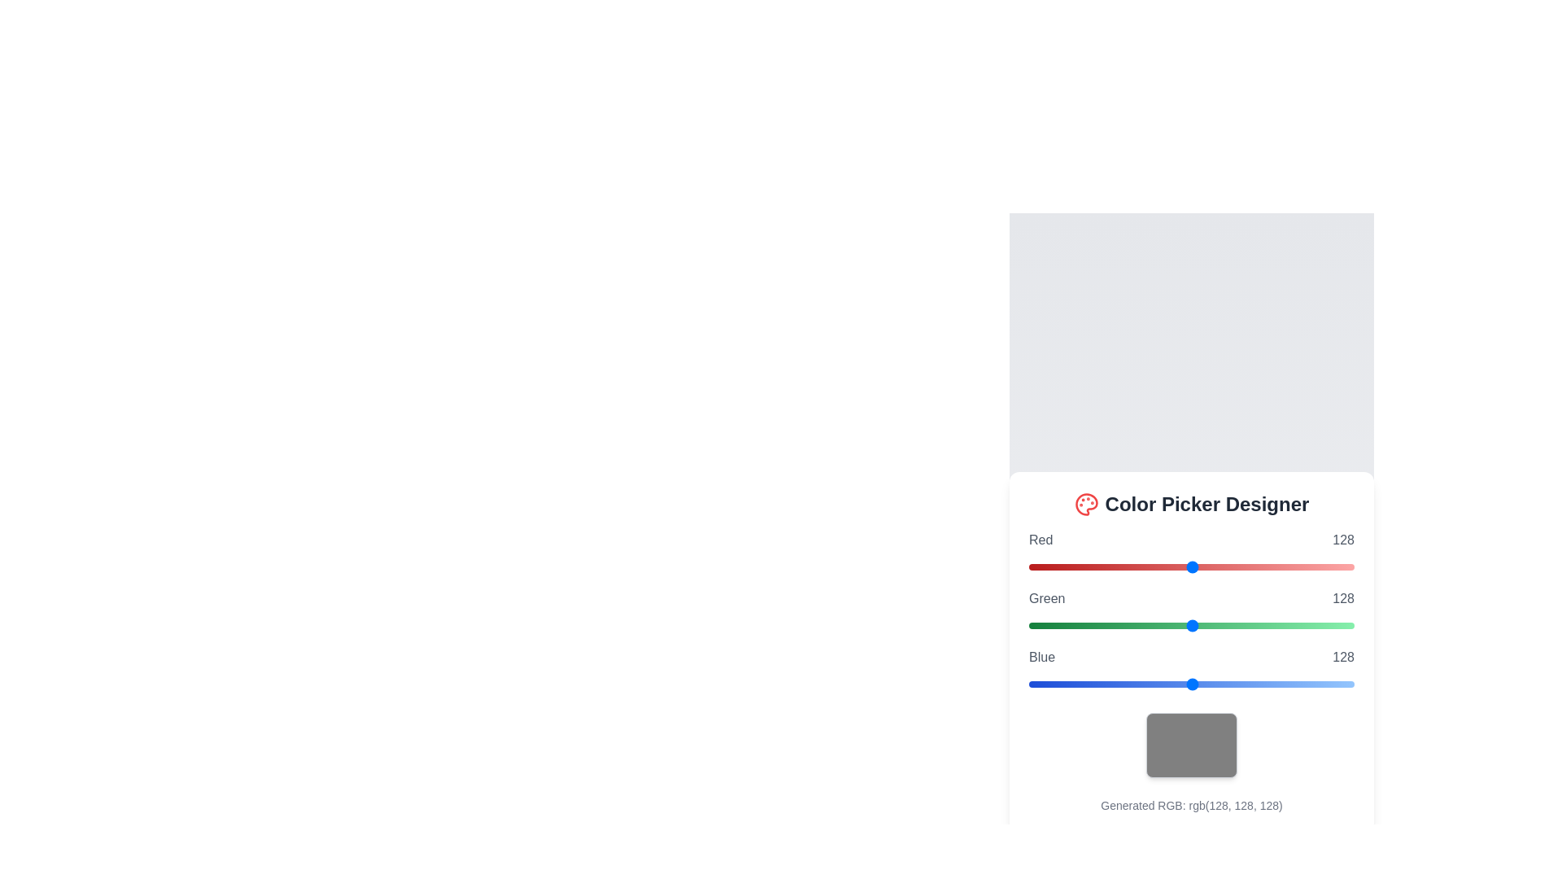 The image size is (1562, 879). What do you see at coordinates (1152, 684) in the screenshot?
I see `the blue slider to set its value to 97` at bounding box center [1152, 684].